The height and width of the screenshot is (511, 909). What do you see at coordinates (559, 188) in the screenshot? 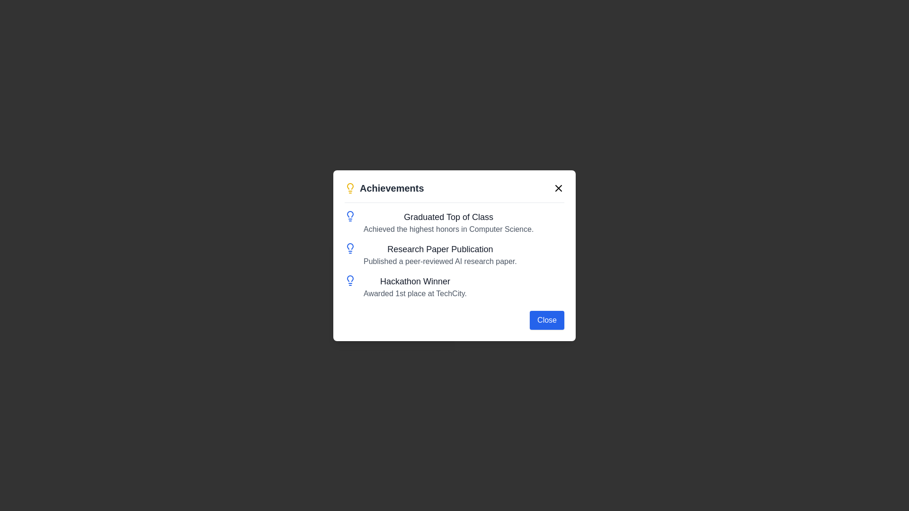
I see `the close button icon resembling a cross in the top right corner of the 'Achievements' modal to trigger the hover color change effect` at bounding box center [559, 188].